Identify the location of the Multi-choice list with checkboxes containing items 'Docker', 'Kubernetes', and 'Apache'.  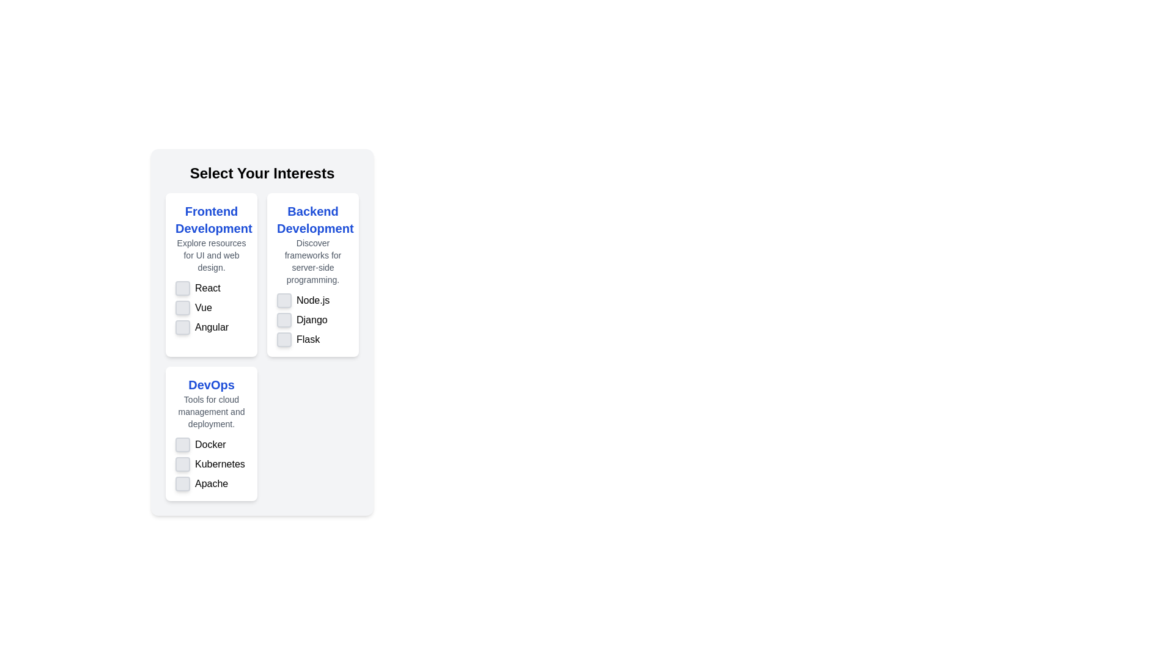
(211, 464).